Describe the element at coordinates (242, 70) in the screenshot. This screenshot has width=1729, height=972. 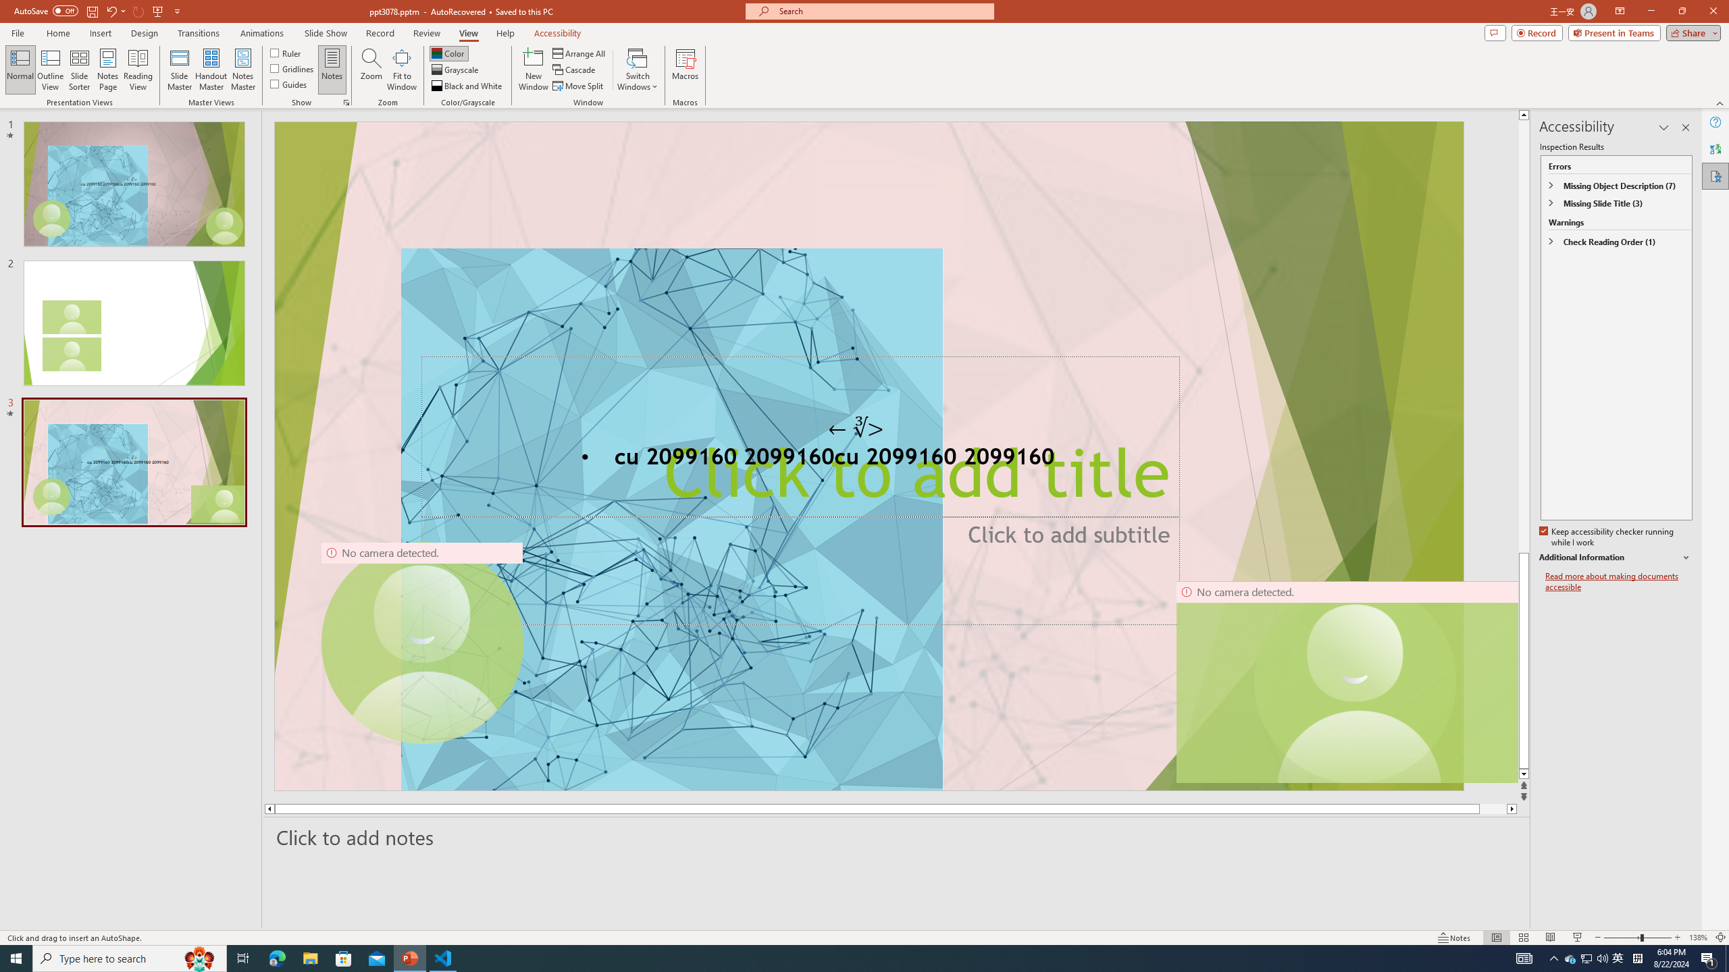
I see `'Notes Master'` at that location.